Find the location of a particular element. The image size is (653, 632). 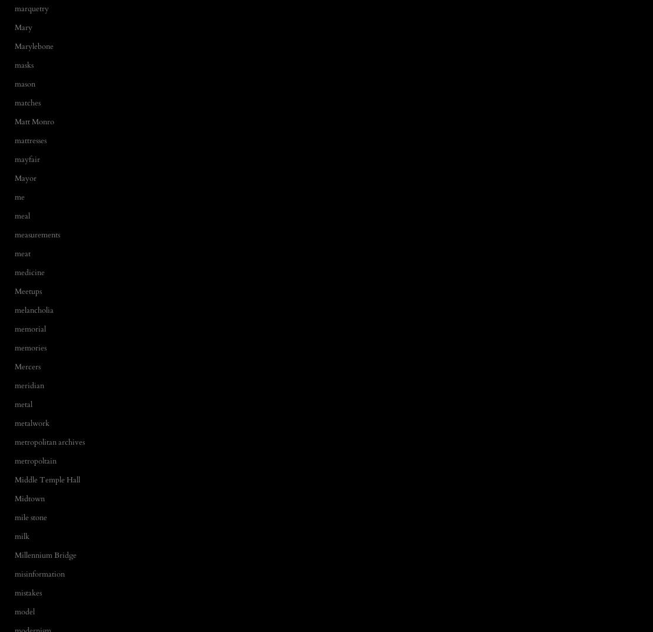

'masks' is located at coordinates (24, 64).